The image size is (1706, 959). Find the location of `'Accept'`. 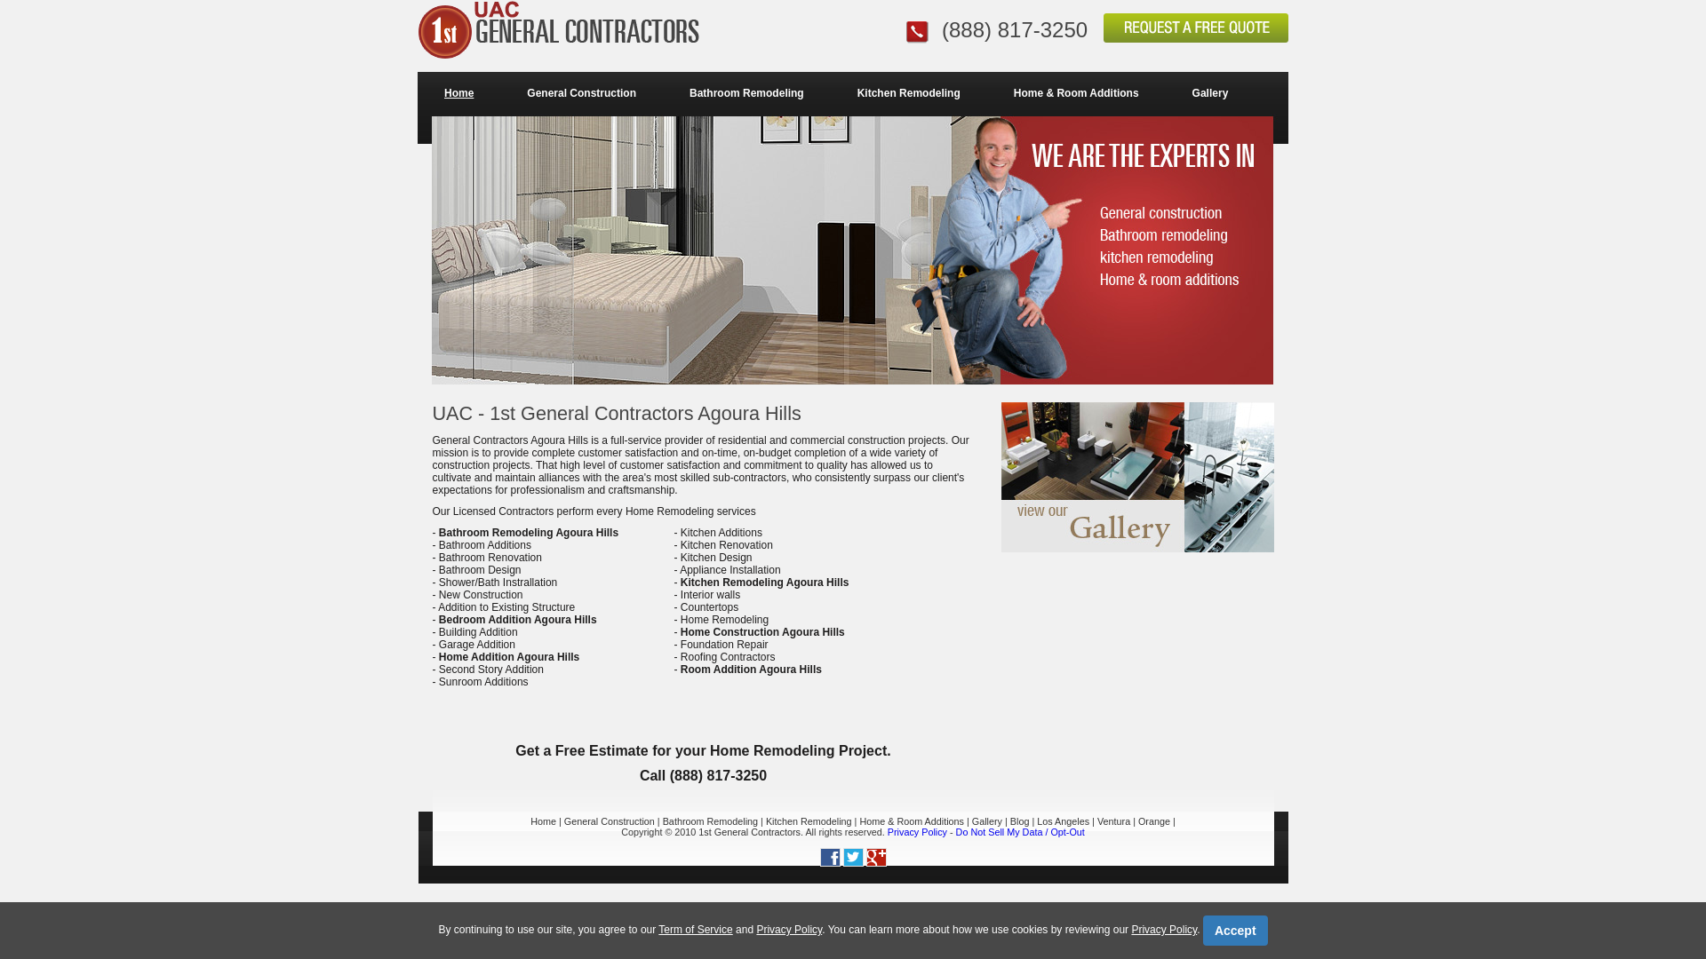

'Accept' is located at coordinates (1202, 930).